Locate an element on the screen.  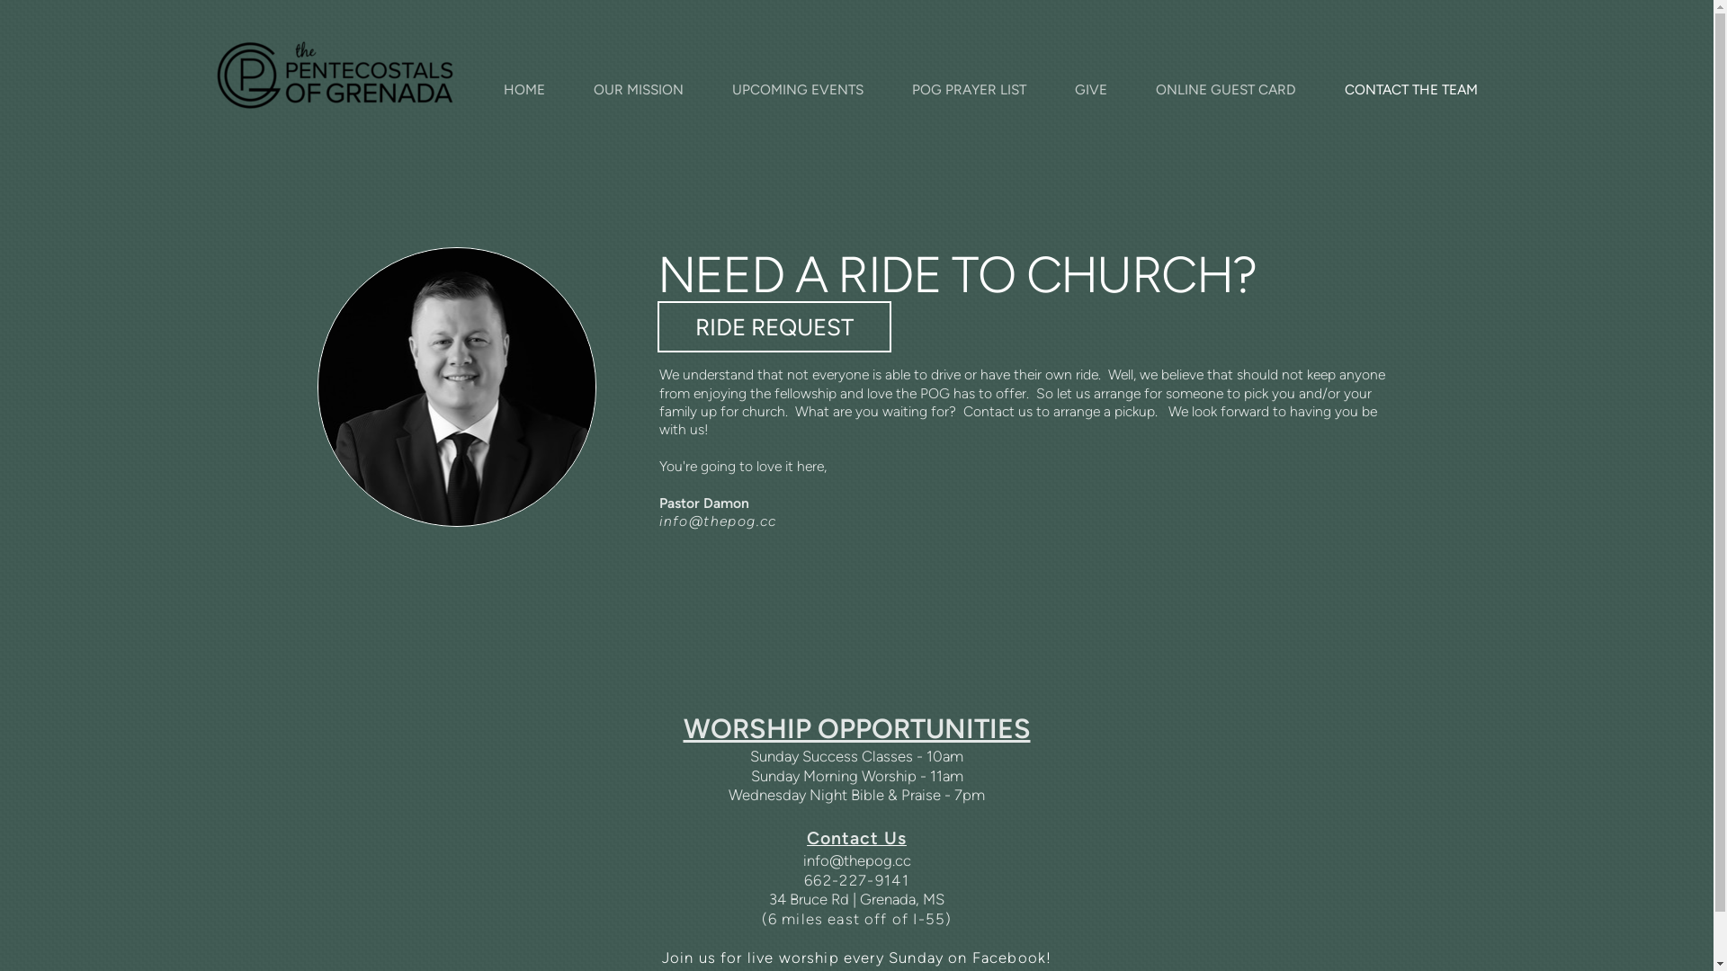
'UPCOMING EVENTS' is located at coordinates (796, 89).